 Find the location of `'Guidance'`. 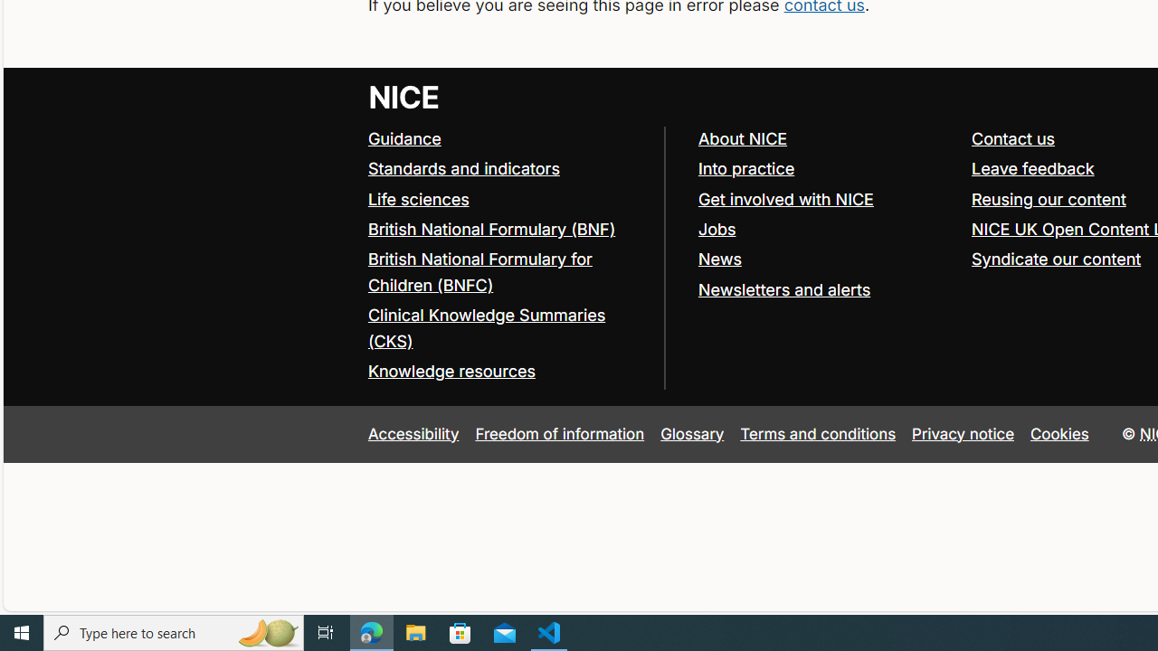

'Guidance' is located at coordinates (403, 137).